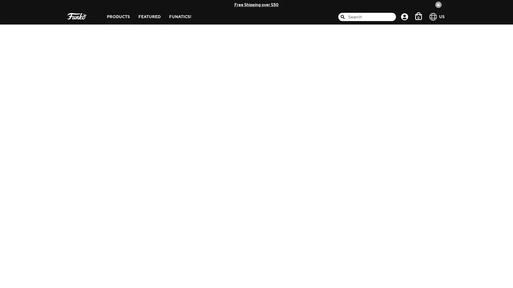  Describe the element at coordinates (164, 9) in the screenshot. I see `FEATURED SUBMENU` at that location.